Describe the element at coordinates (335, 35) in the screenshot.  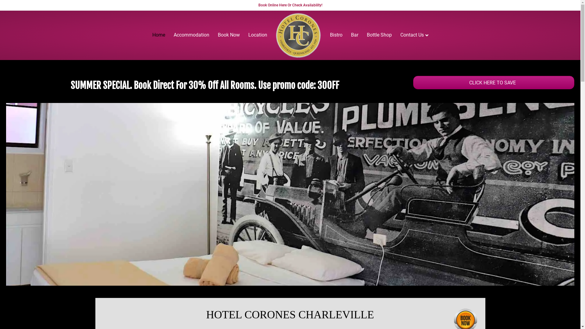
I see `'Bistro'` at that location.